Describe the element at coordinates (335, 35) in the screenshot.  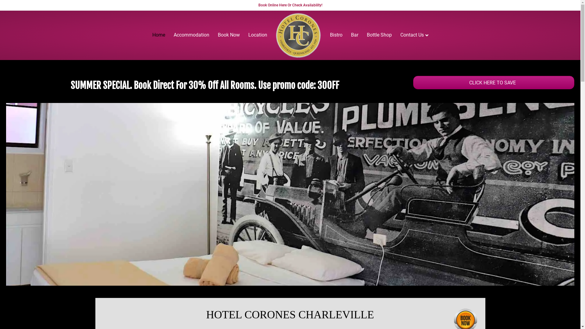
I see `'Bistro'` at that location.